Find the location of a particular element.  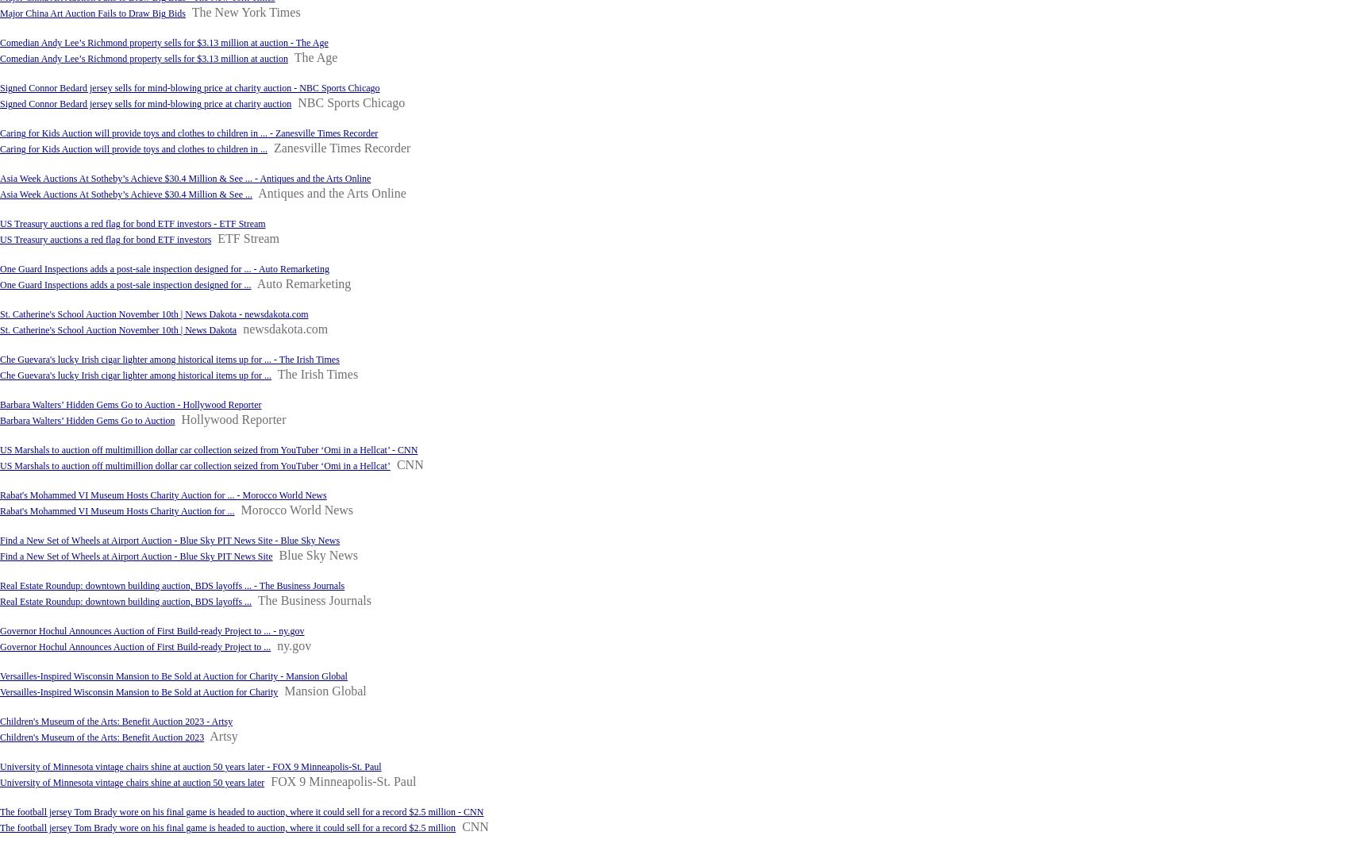

'ETF Stream' is located at coordinates (248, 238).